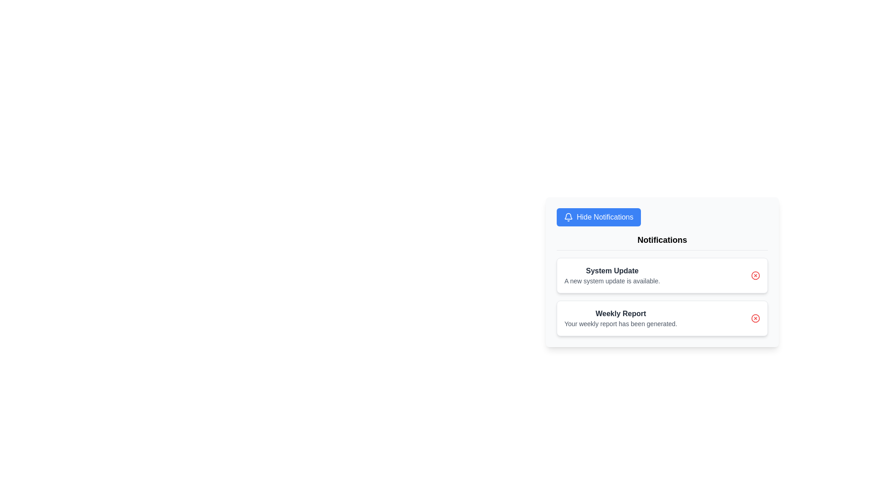  Describe the element at coordinates (662, 241) in the screenshot. I see `the Text Label that serves as a section header for the notifications area, positioned at the top-center of the notification section` at that location.